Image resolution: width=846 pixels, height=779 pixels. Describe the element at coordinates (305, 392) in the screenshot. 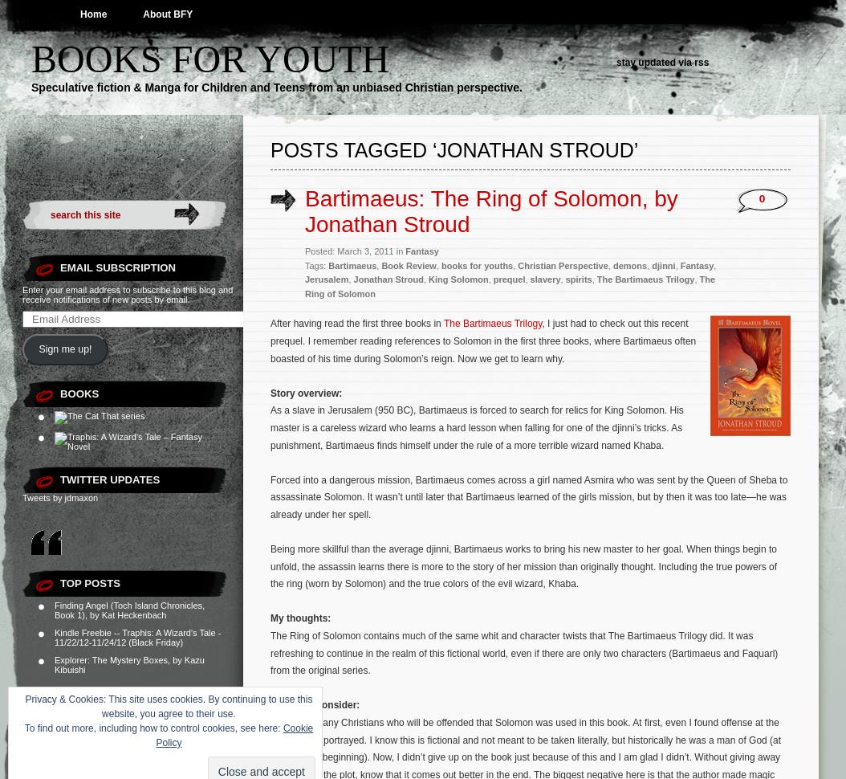

I see `'Story overview:'` at that location.